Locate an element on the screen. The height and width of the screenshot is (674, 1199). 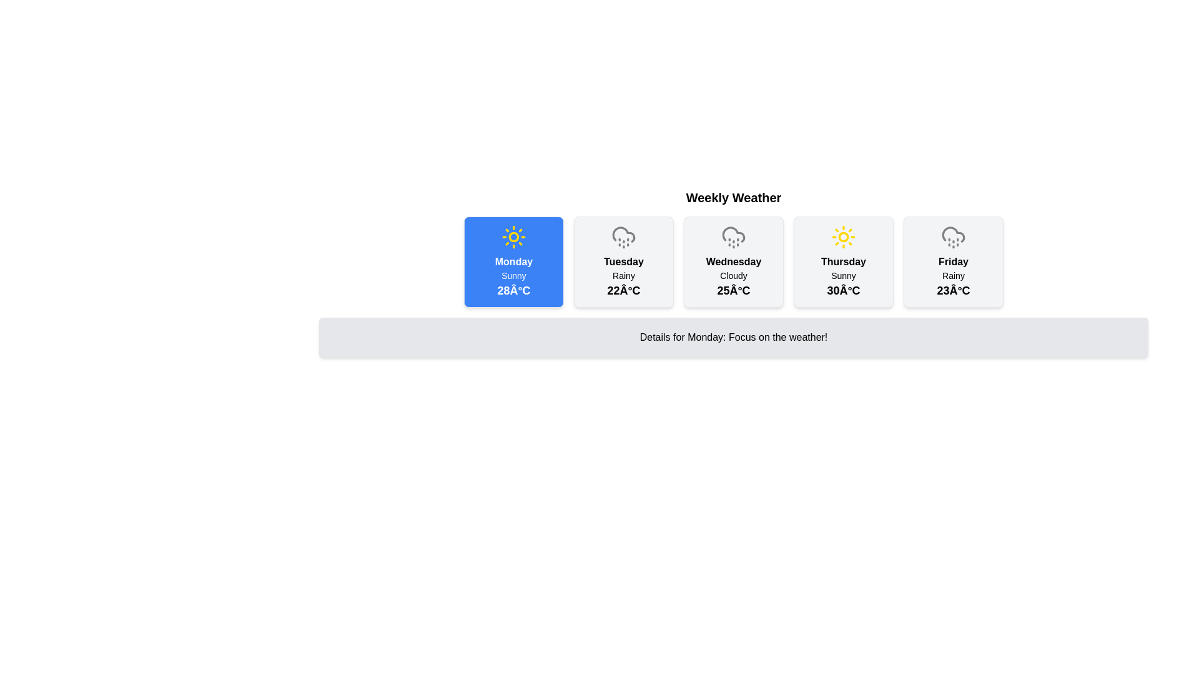
the weather information button for Tuesday is located at coordinates (623, 261).